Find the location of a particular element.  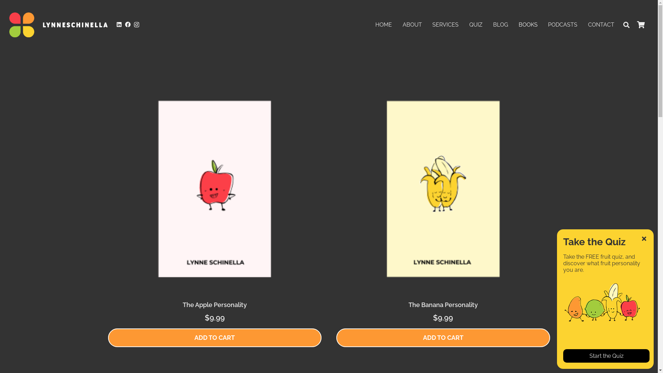

'0' is located at coordinates (641, 25).